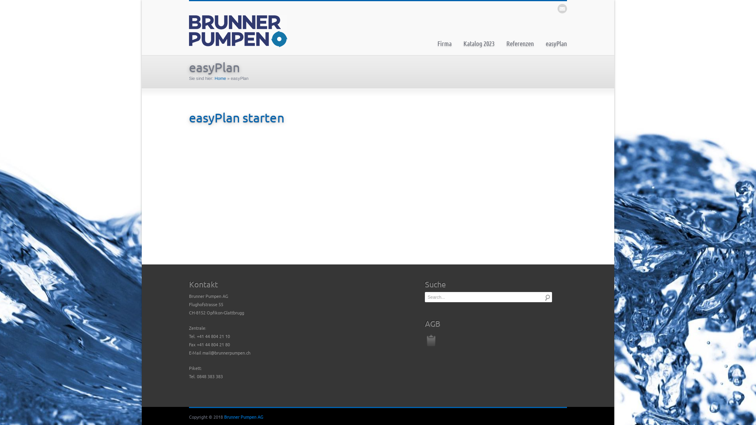  I want to click on 'easyPlan', so click(556, 43).